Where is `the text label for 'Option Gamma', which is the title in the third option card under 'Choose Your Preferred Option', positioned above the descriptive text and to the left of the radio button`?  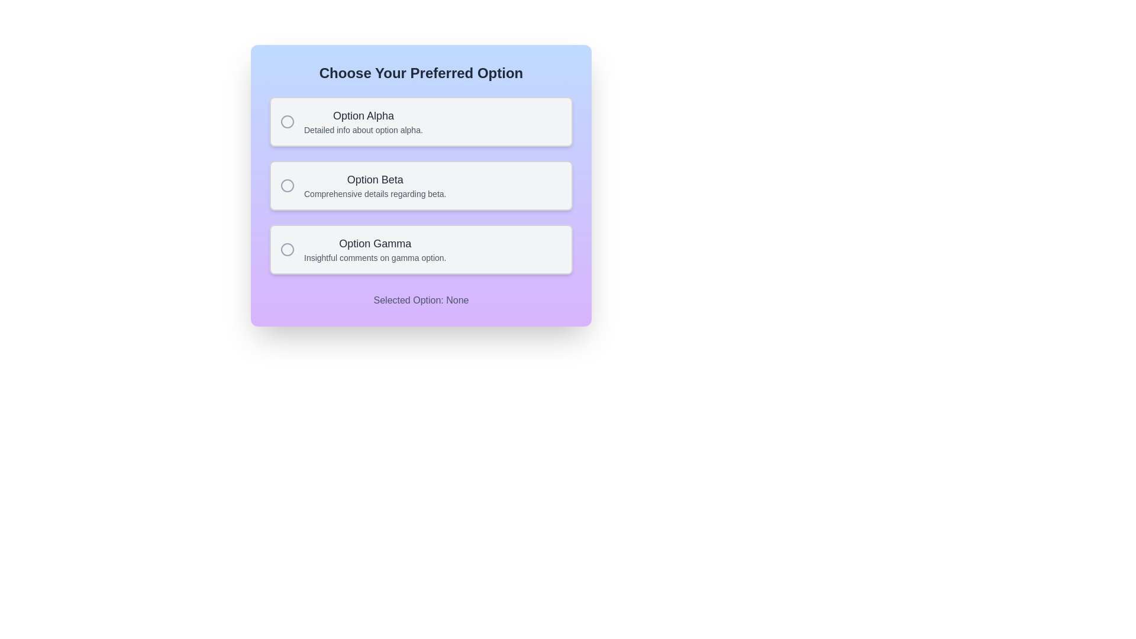
the text label for 'Option Gamma', which is the title in the third option card under 'Choose Your Preferred Option', positioned above the descriptive text and to the left of the radio button is located at coordinates (375, 243).